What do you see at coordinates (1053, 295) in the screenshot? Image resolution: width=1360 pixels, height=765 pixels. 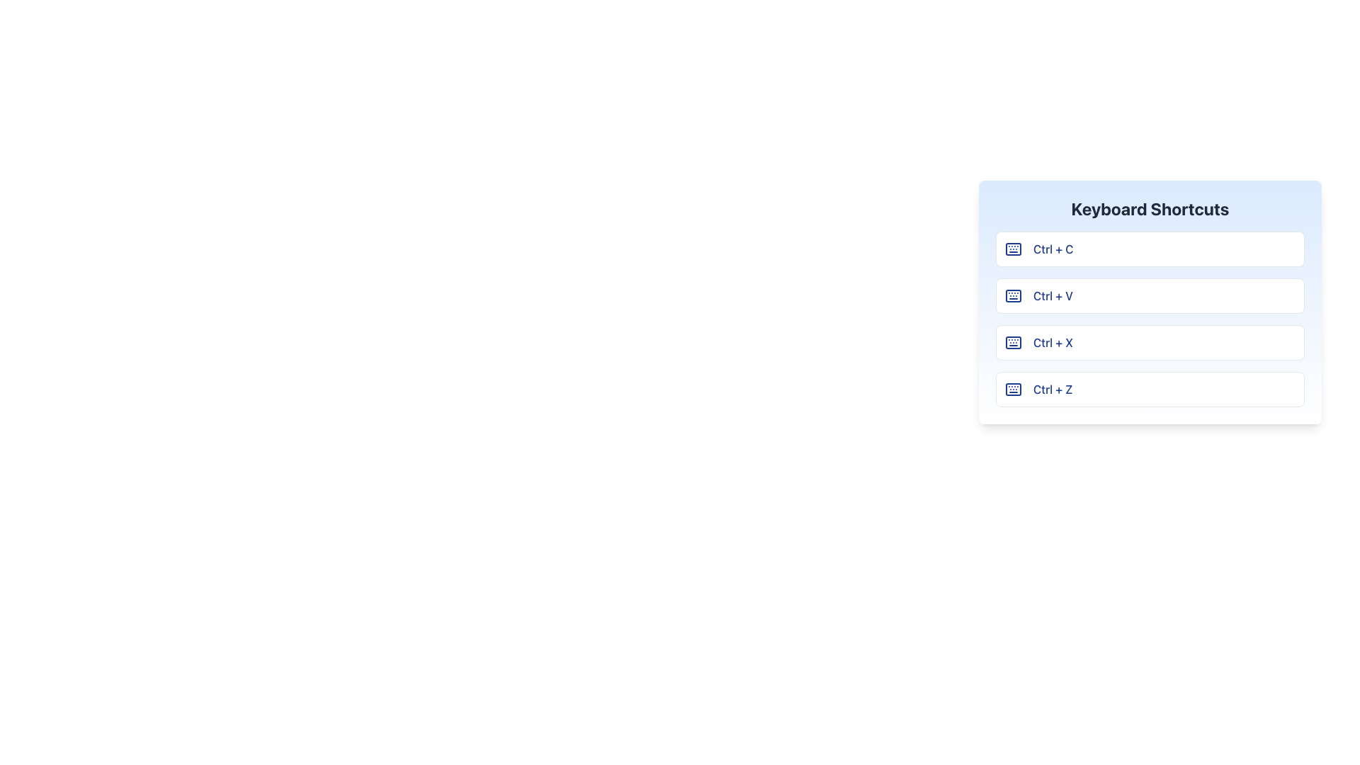 I see `the static text label indicating the 'Ctrl + V' keyboard shortcut, which is the second item in the list of keyboard shortcuts` at bounding box center [1053, 295].